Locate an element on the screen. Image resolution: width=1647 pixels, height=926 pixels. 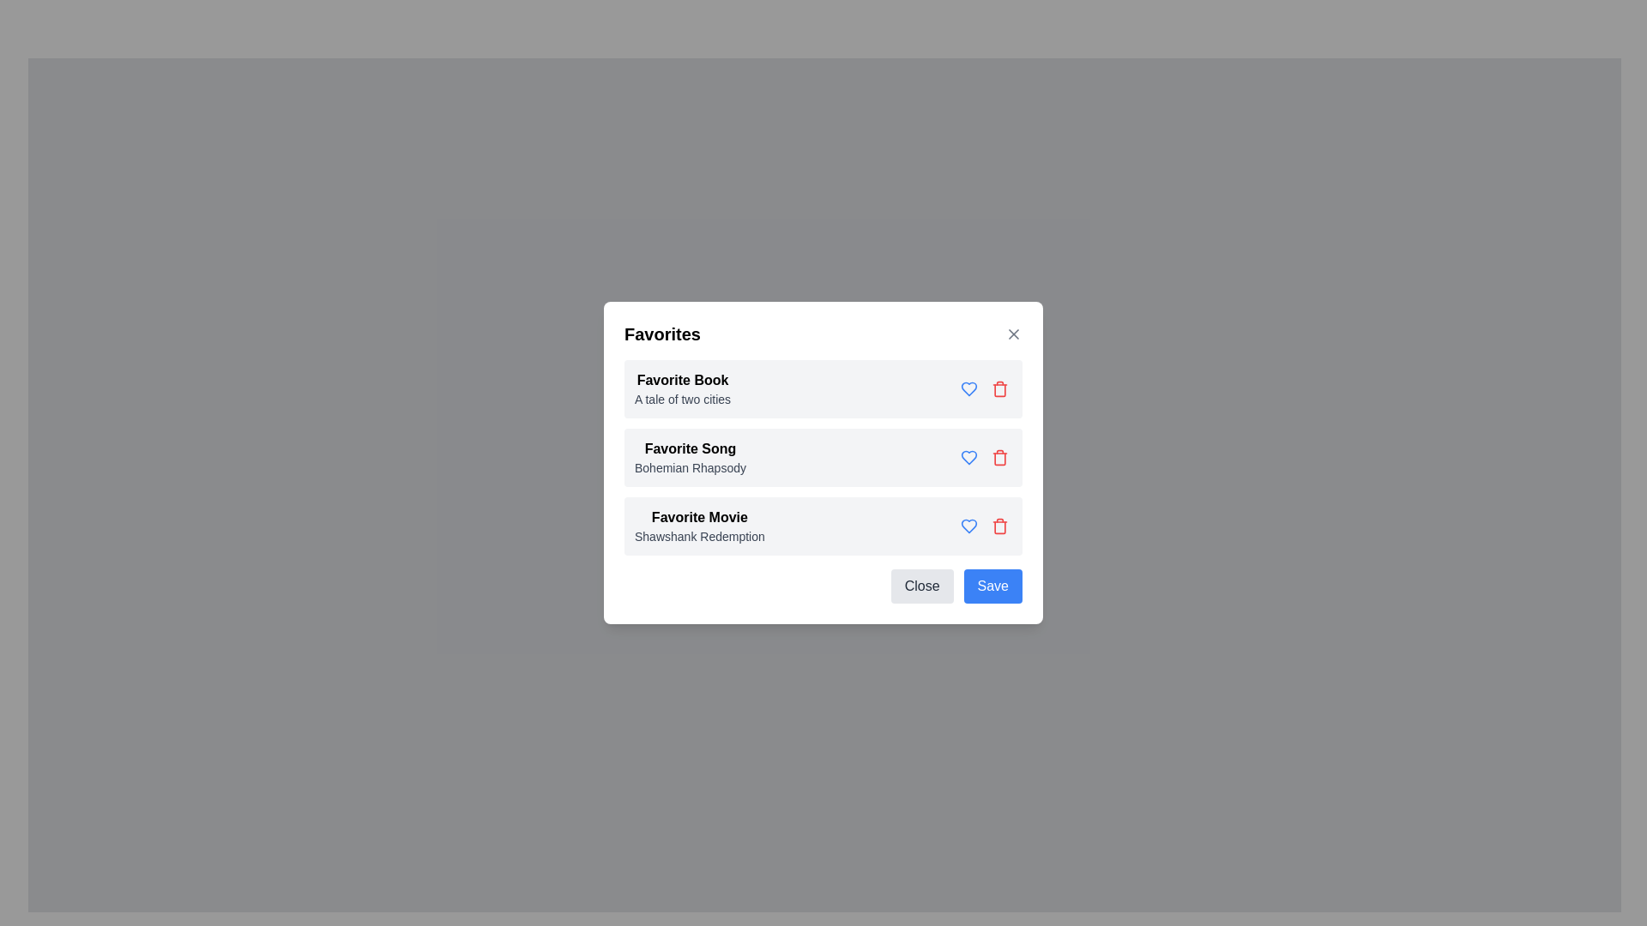
the bold, black-colored text labeled 'Favorites', which is aligned to the left at the top of a content box within a rectangular dialog box is located at coordinates (661, 334).